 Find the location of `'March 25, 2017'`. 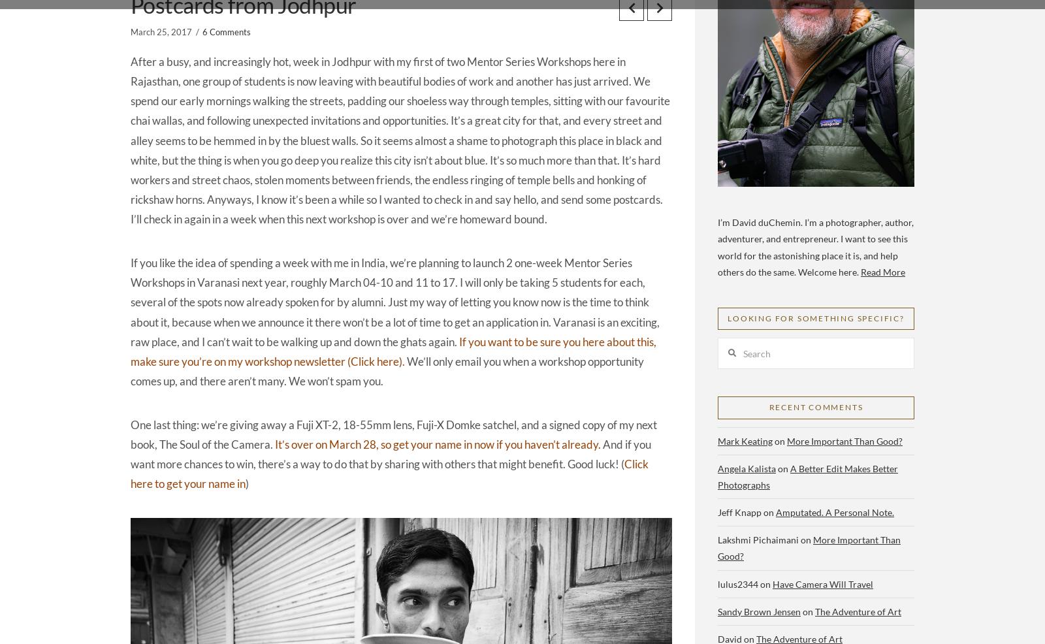

'March 25, 2017' is located at coordinates (161, 31).